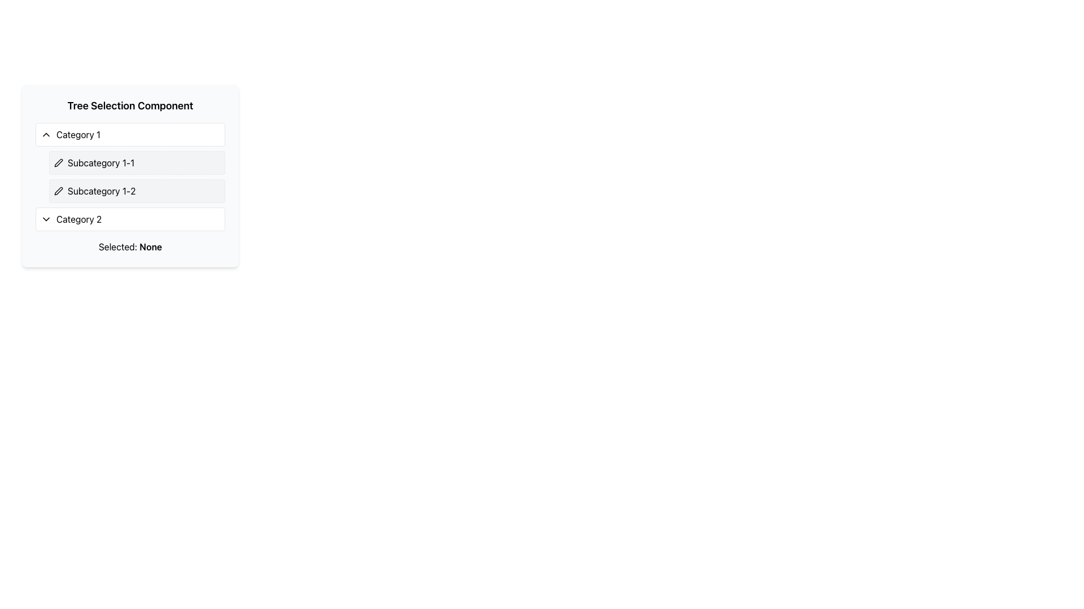  I want to click on the edit icon (Pen or Pencil) located in 'Subcategory 1-1' under 'Category 1' to indicate the edit capability, so click(58, 191).